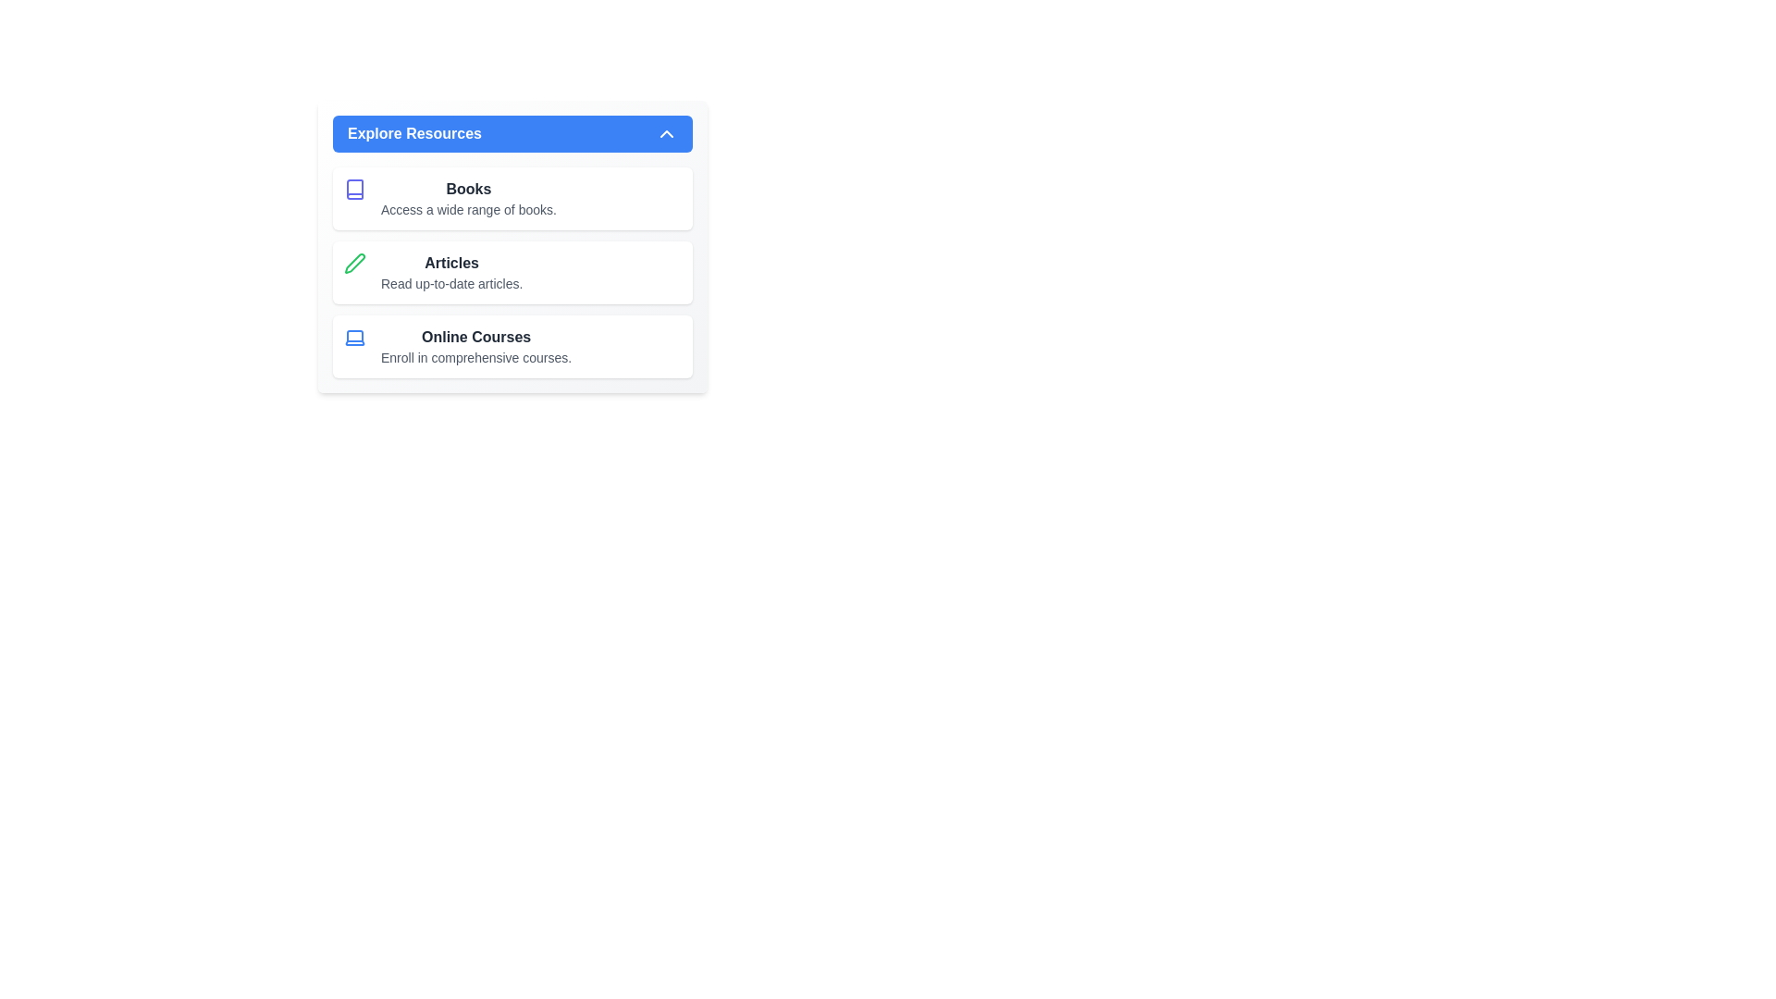  What do you see at coordinates (512, 272) in the screenshot?
I see `the second card in the 'Explore Resources' section, which is positioned between the 'Books' card and the 'Online Courses' card` at bounding box center [512, 272].